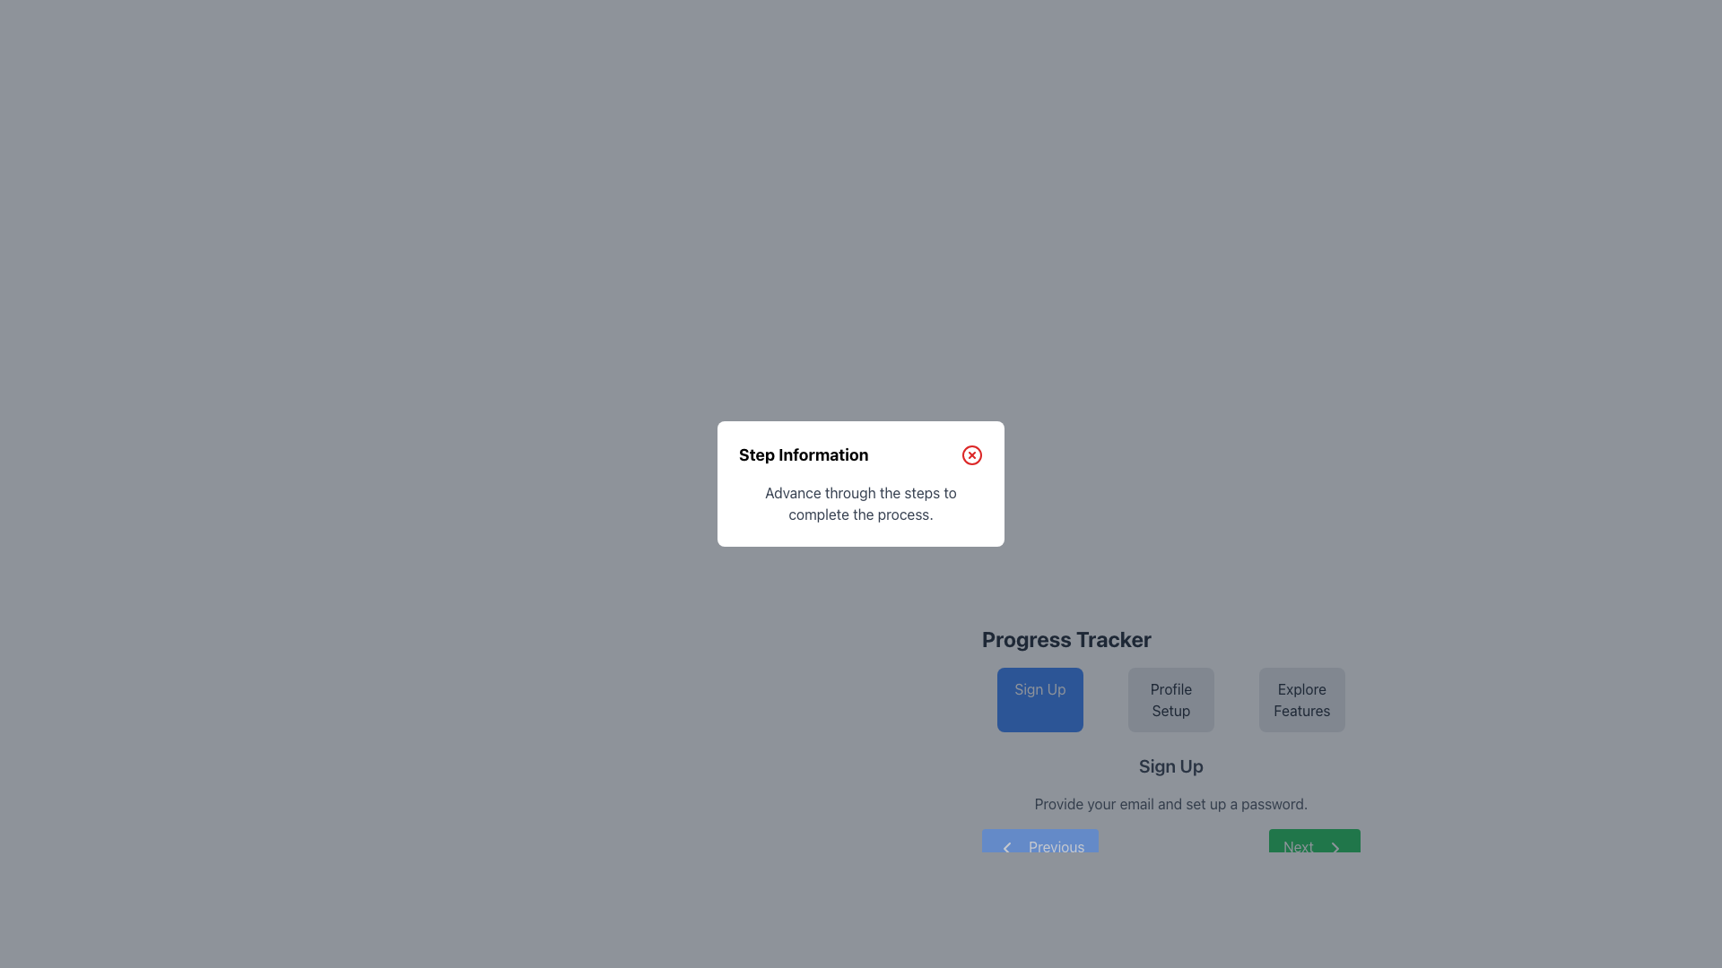  I want to click on the second button in the Progress Tracker section, so click(1170, 715).